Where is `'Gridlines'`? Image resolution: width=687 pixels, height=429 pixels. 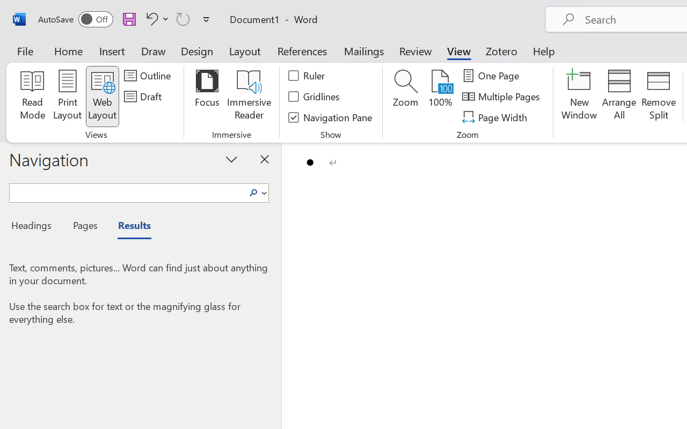
'Gridlines' is located at coordinates (314, 96).